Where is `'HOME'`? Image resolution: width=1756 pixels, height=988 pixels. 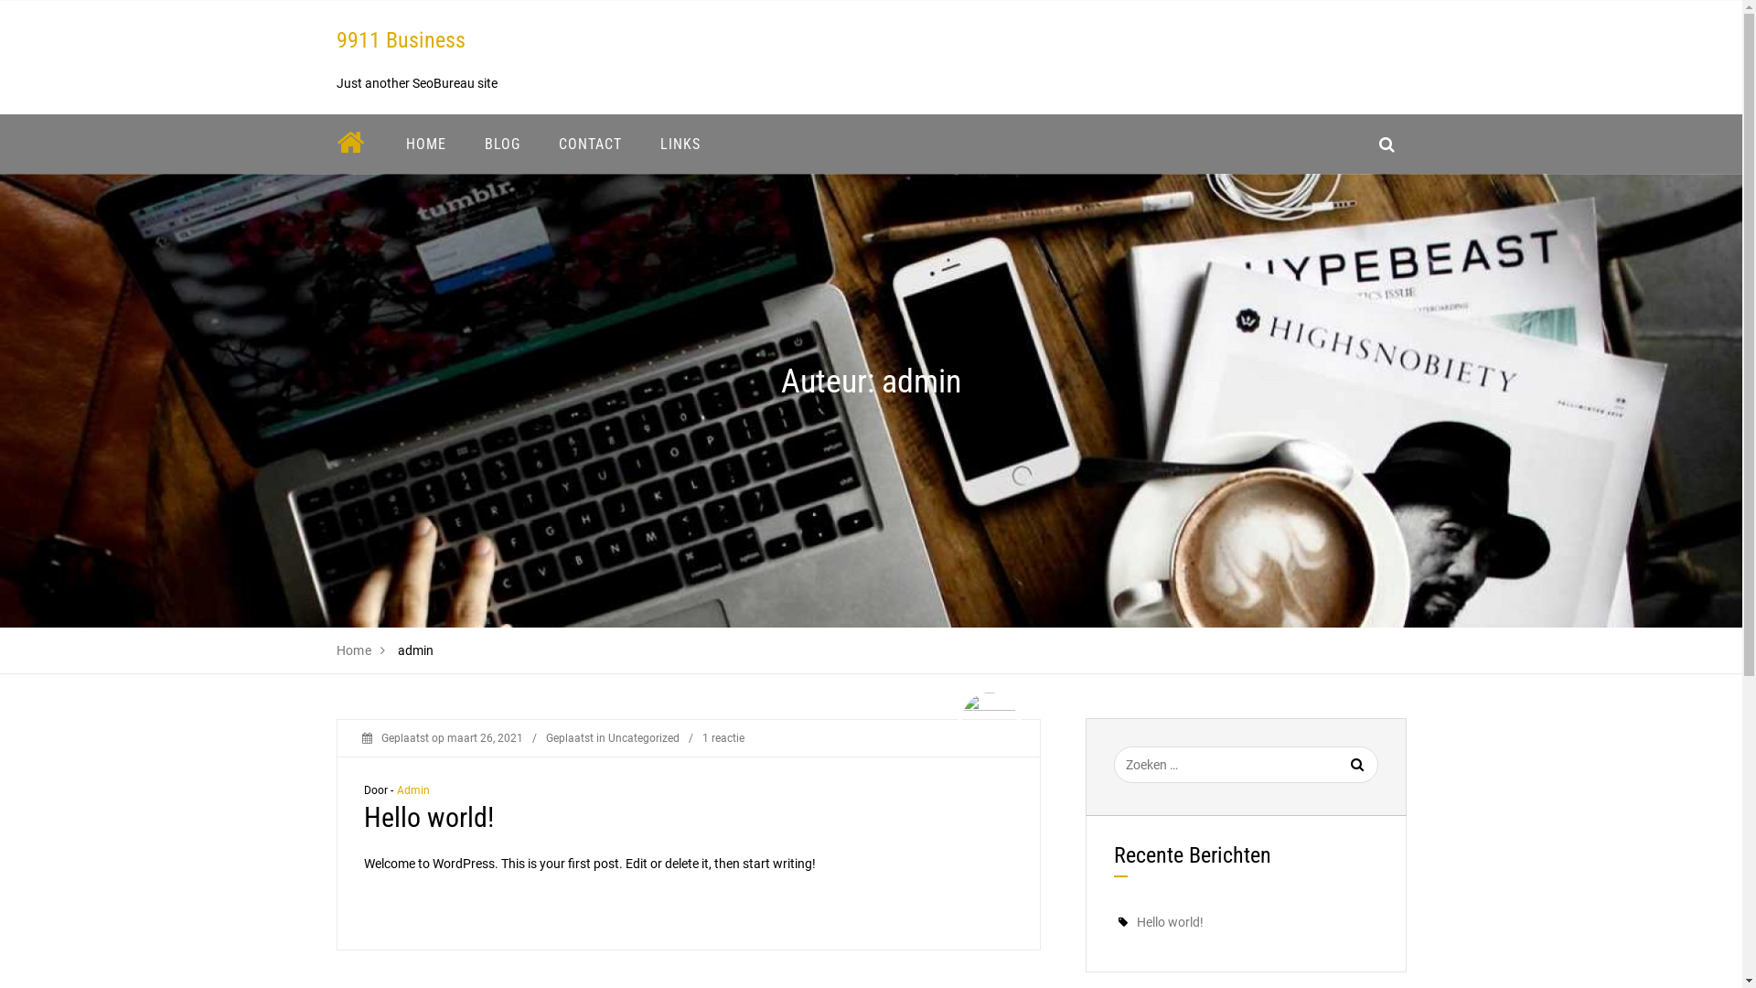
'HOME' is located at coordinates (424, 143).